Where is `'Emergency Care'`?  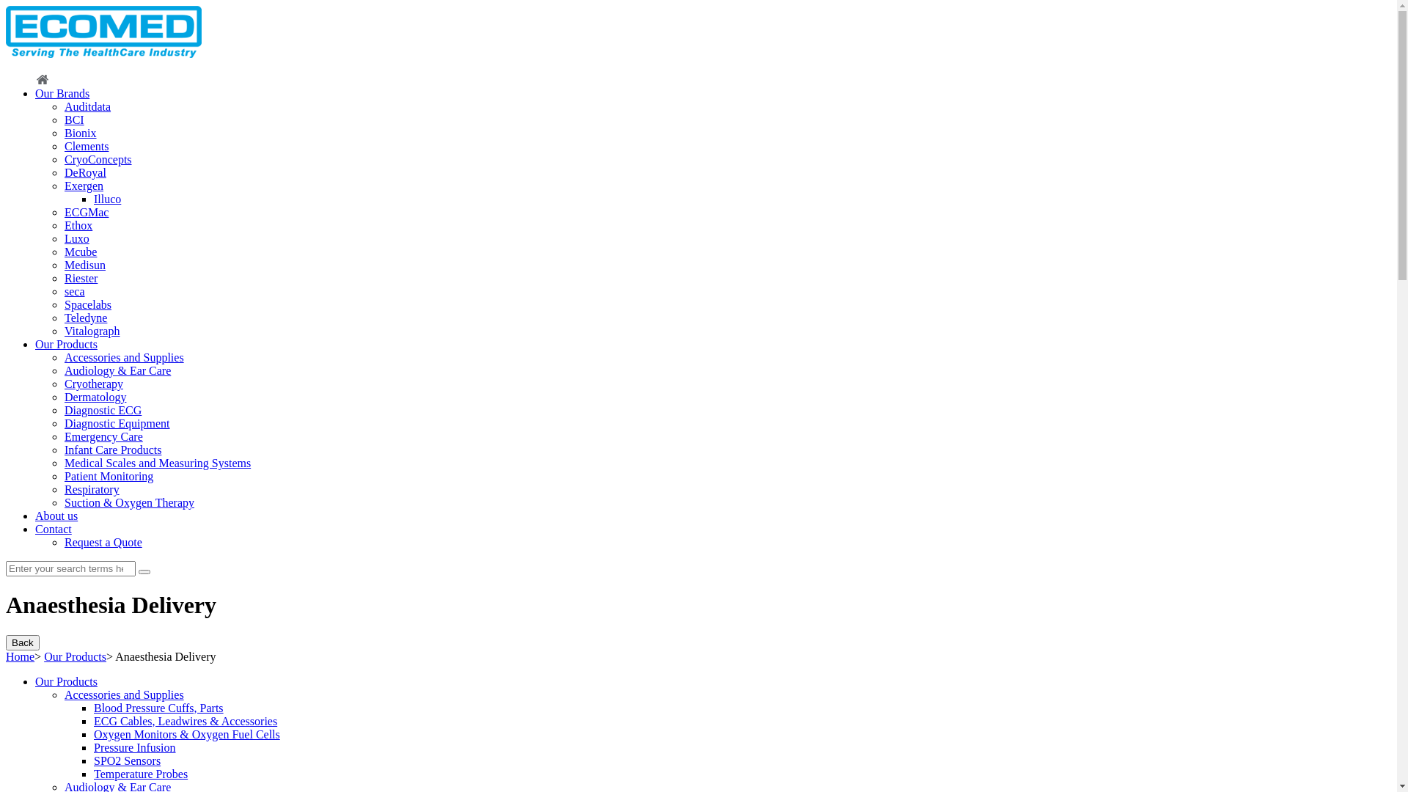
'Emergency Care' is located at coordinates (63, 436).